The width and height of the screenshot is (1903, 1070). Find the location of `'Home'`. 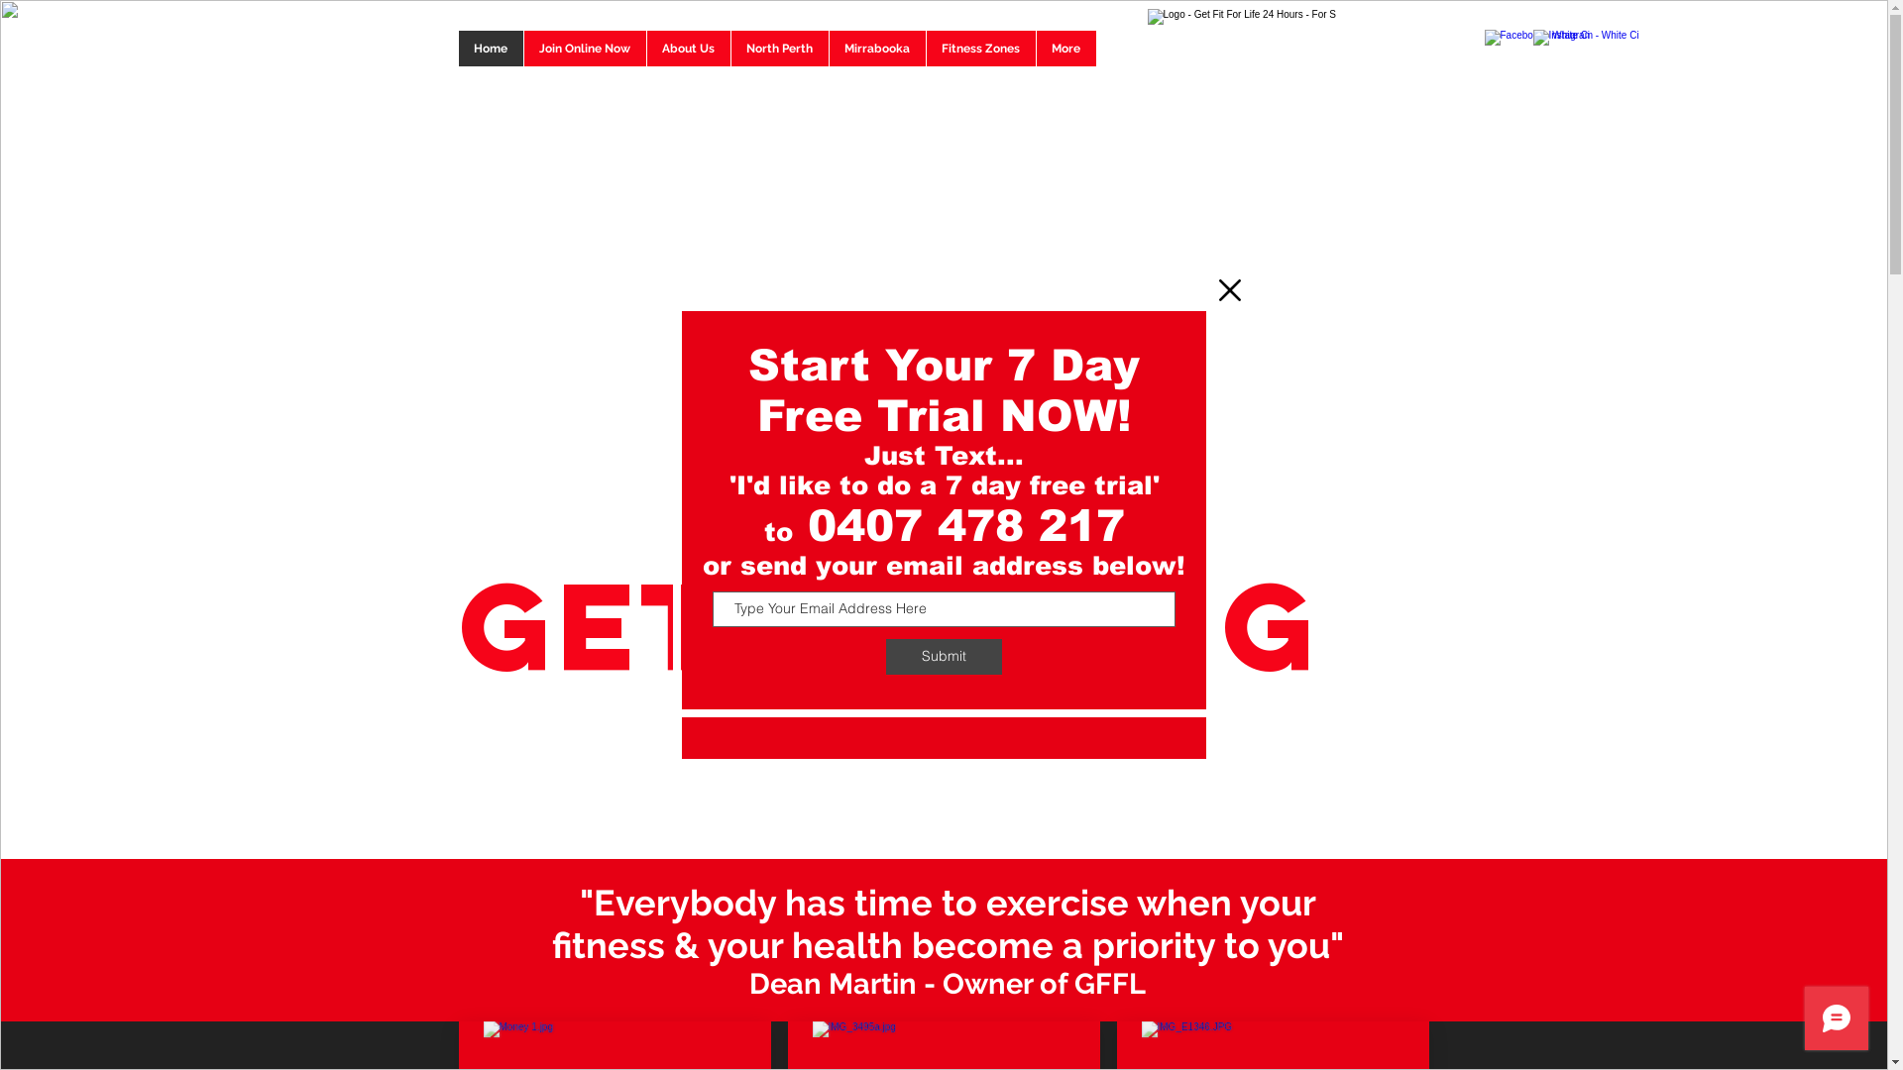

'Home' is located at coordinates (490, 48).